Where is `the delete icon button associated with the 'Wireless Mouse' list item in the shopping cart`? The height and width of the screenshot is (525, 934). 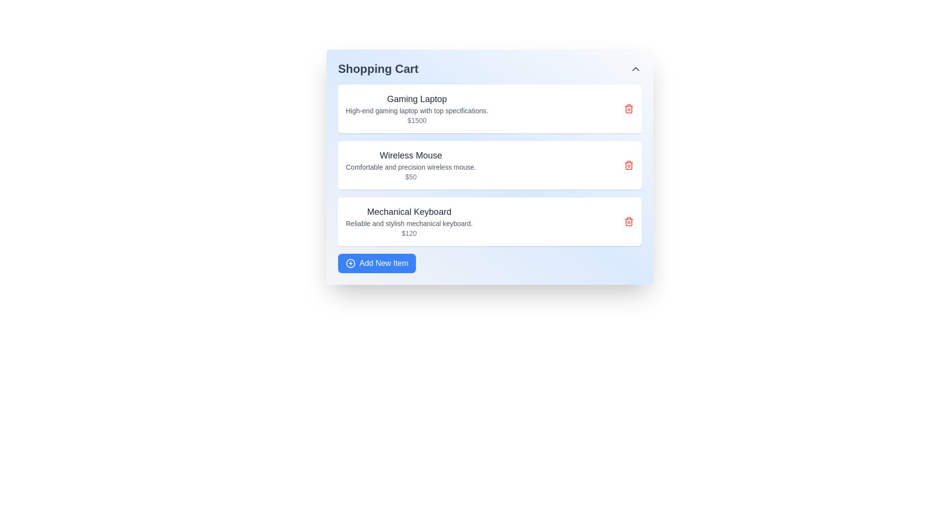
the delete icon button associated with the 'Wireless Mouse' list item in the shopping cart is located at coordinates (629, 165).